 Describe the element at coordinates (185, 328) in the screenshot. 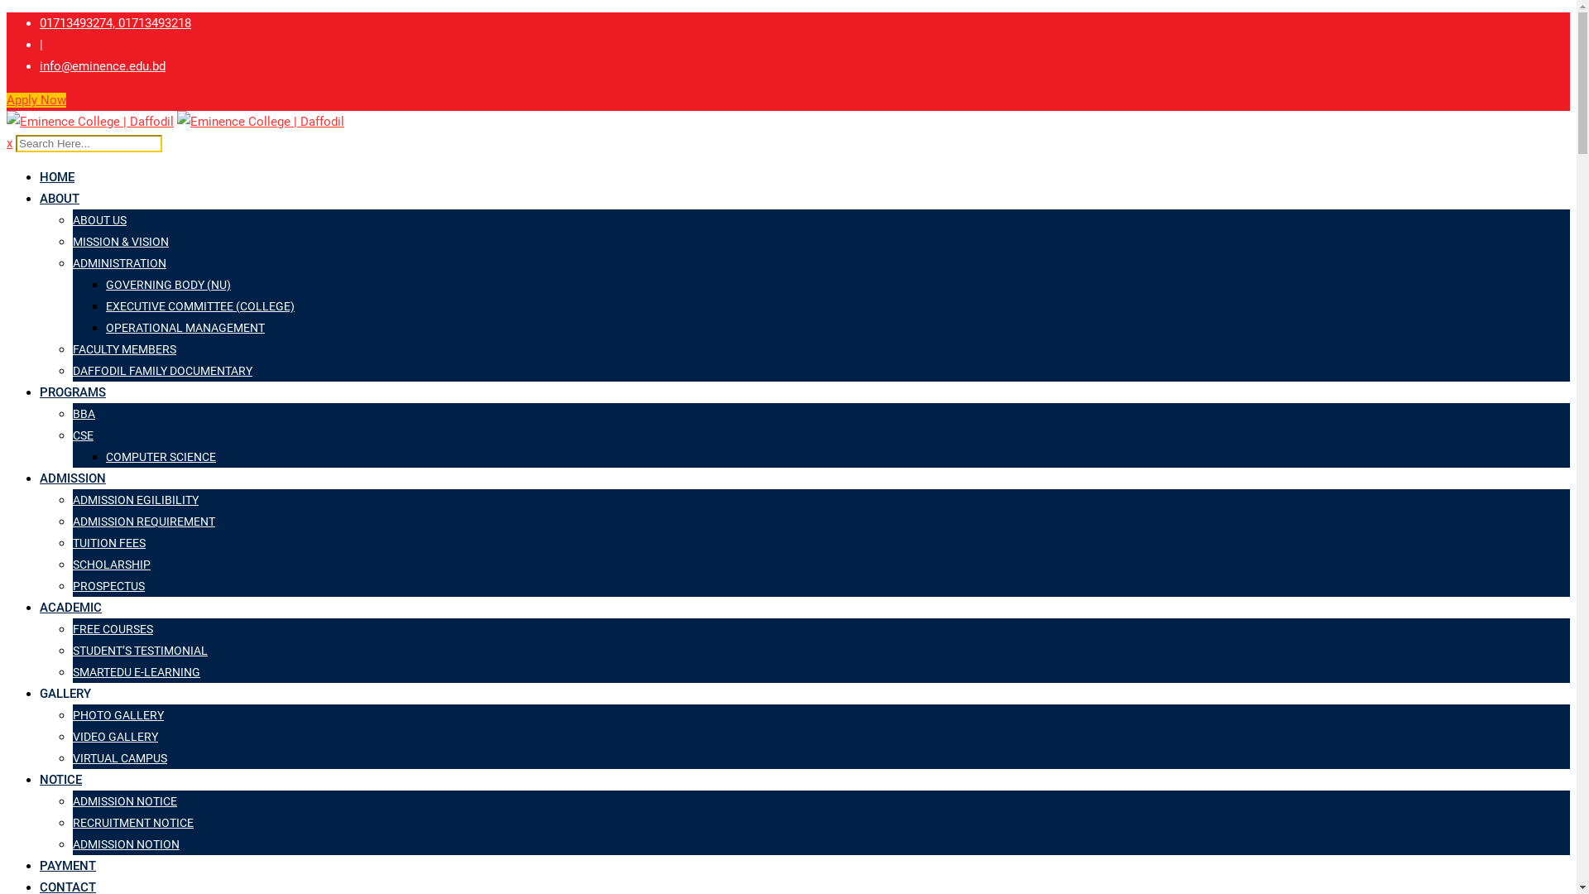

I see `'OPERATIONAL MANAGEMENT'` at that location.